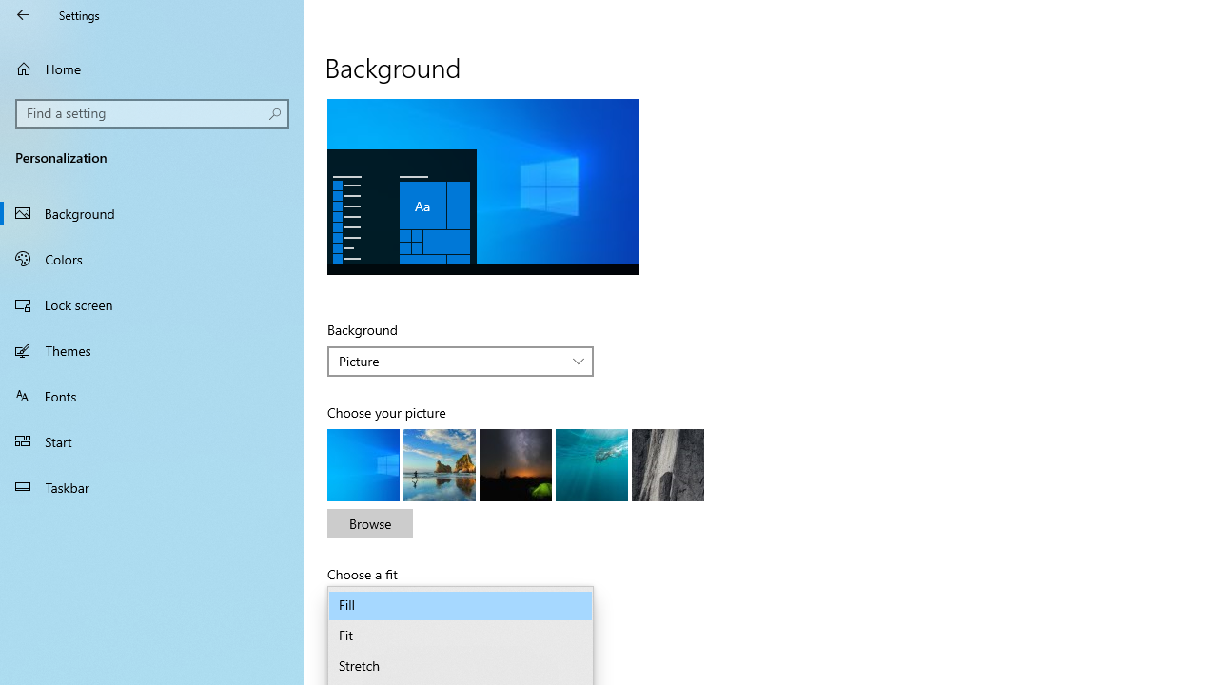 Image resolution: width=1218 pixels, height=685 pixels. I want to click on 'Windows Spotlight Image', so click(668, 464).